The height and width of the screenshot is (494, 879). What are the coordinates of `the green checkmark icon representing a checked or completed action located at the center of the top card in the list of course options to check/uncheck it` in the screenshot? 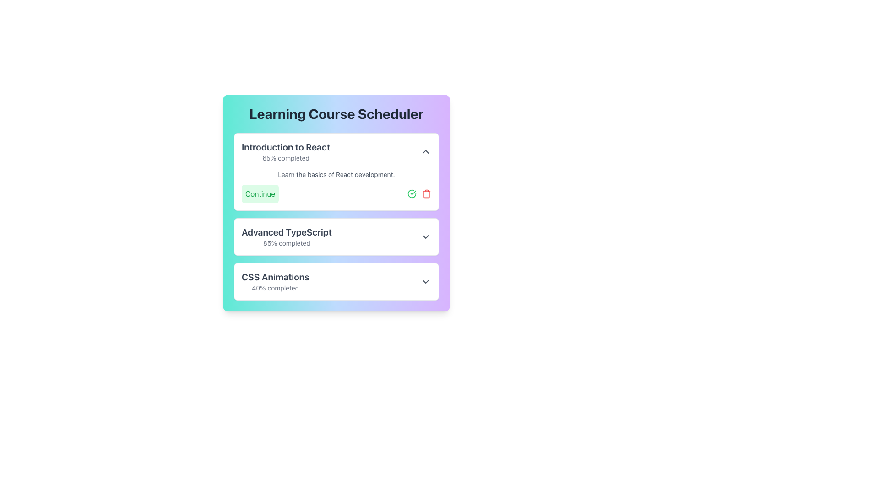 It's located at (412, 193).